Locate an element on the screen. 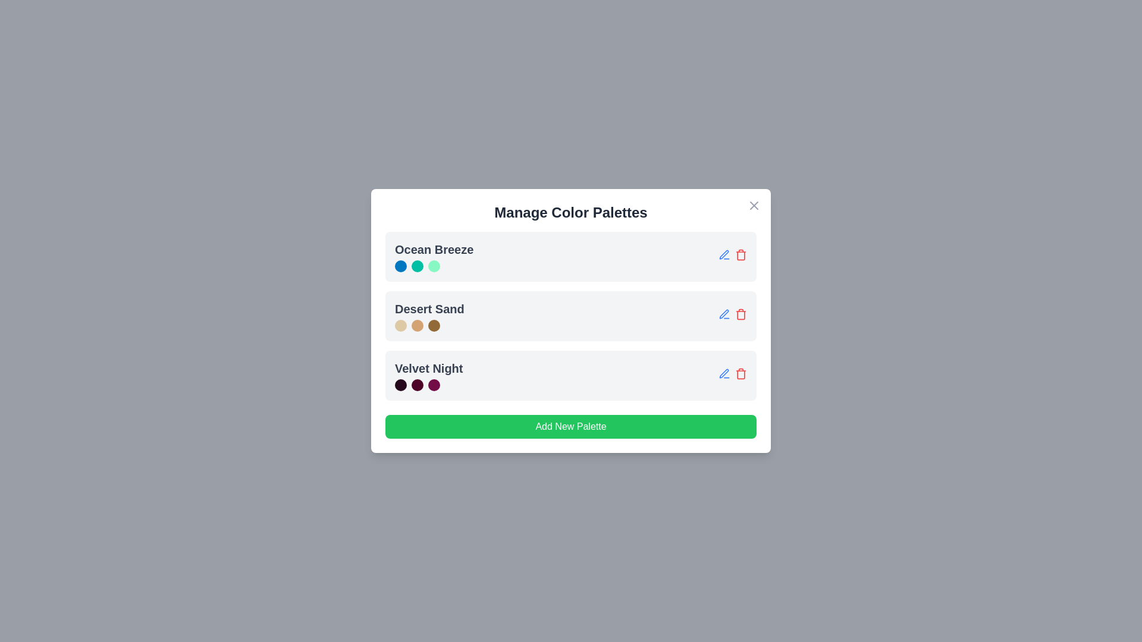 Image resolution: width=1142 pixels, height=642 pixels. the edit icon for the palette named Desert Sand is located at coordinates (724, 313).